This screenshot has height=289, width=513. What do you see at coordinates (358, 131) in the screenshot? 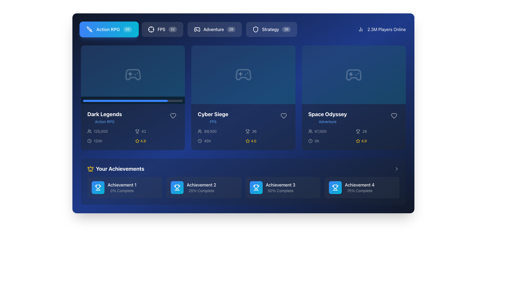
I see `the achievement icon located below the 'Your Achievements' section, which visually represents a reward or achievement` at bounding box center [358, 131].